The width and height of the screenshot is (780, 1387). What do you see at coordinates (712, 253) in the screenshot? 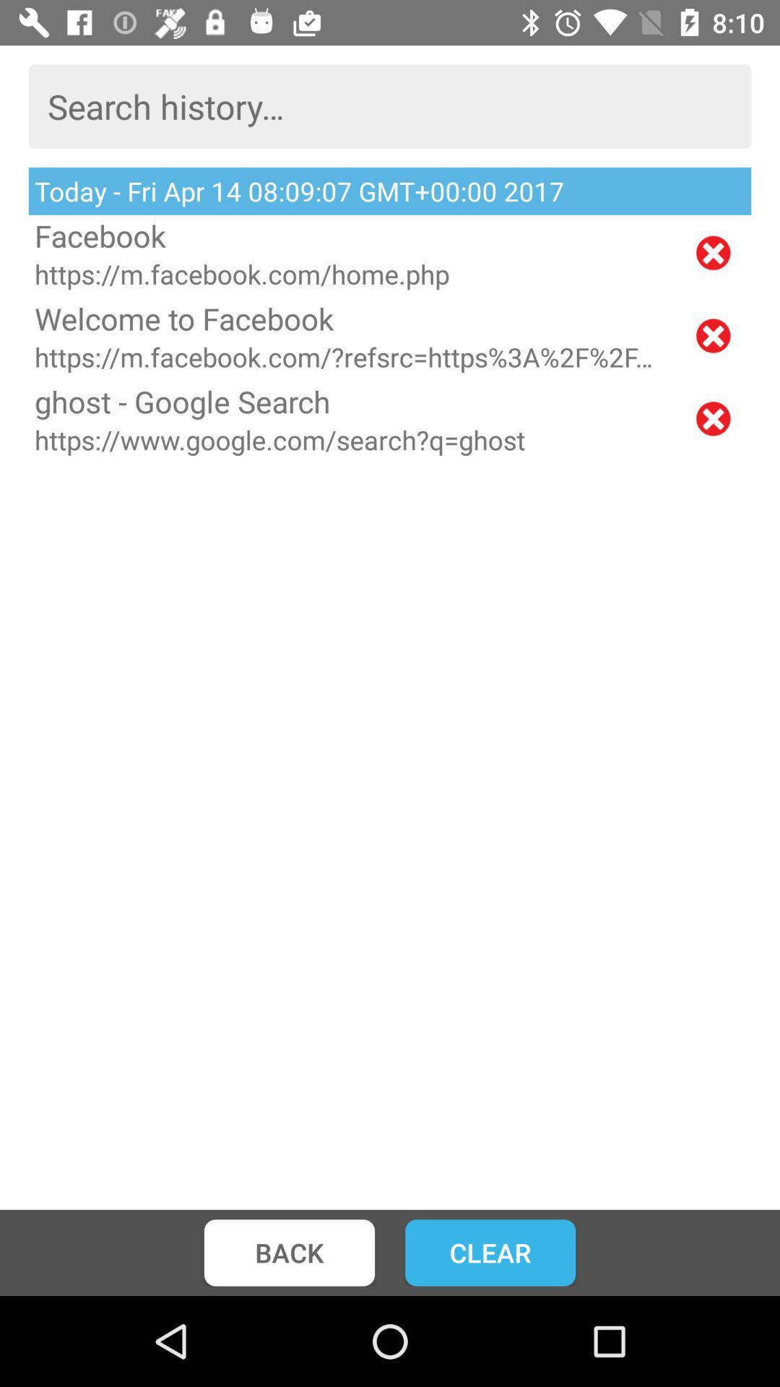
I see `remove this record from history` at bounding box center [712, 253].